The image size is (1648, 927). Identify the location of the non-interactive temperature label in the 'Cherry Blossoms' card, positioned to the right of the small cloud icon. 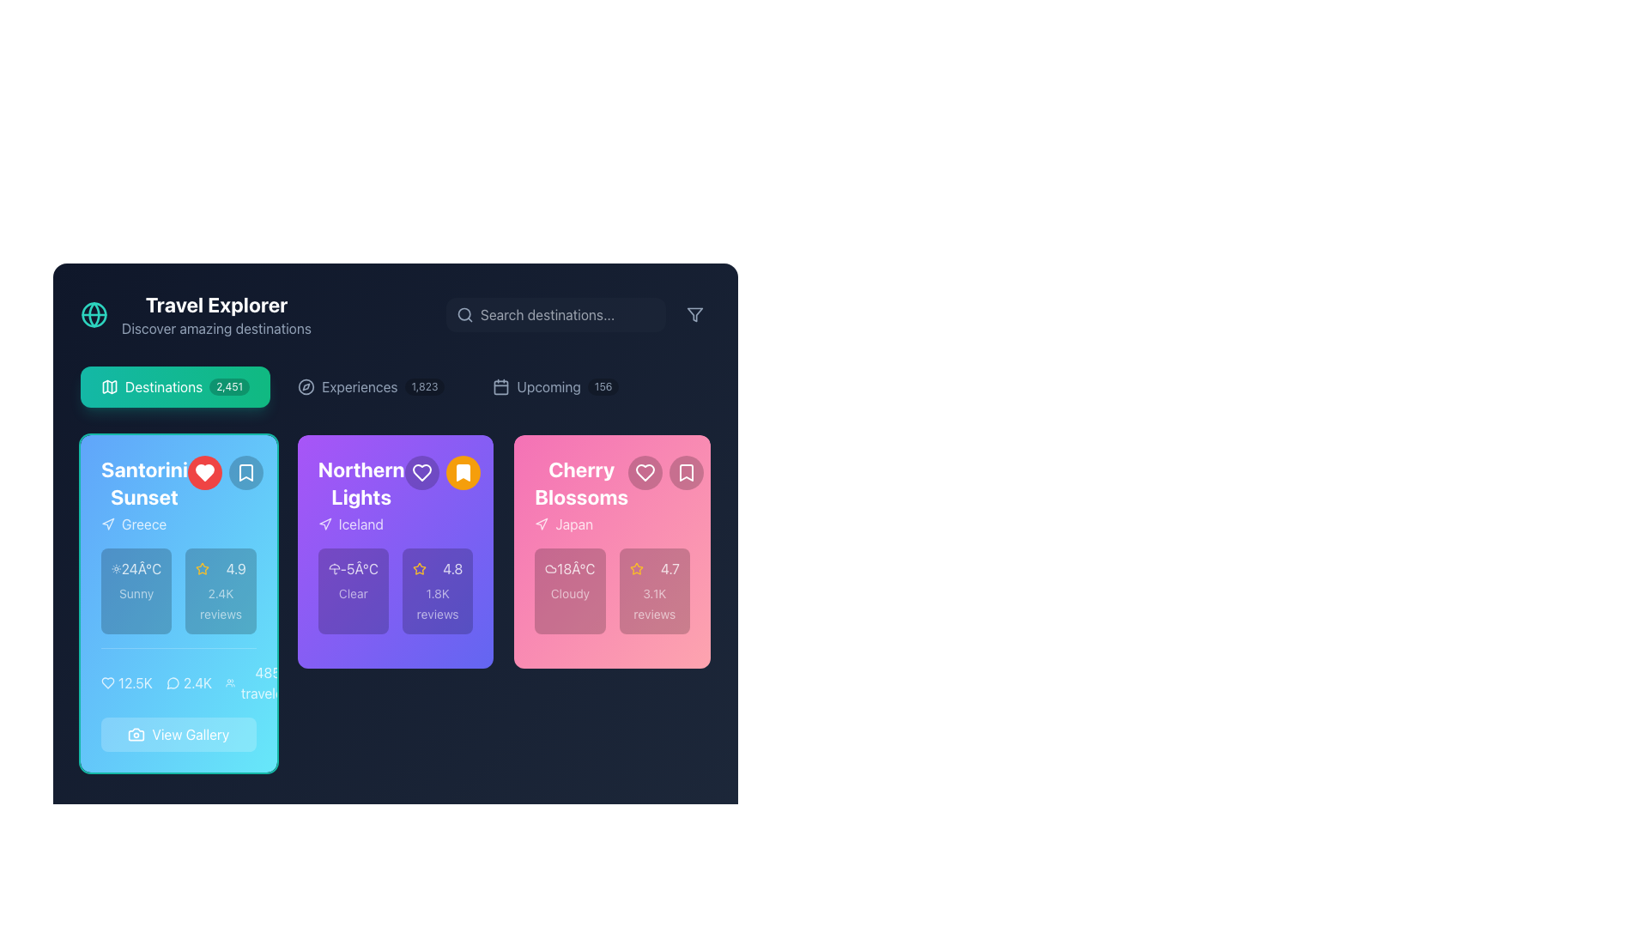
(570, 569).